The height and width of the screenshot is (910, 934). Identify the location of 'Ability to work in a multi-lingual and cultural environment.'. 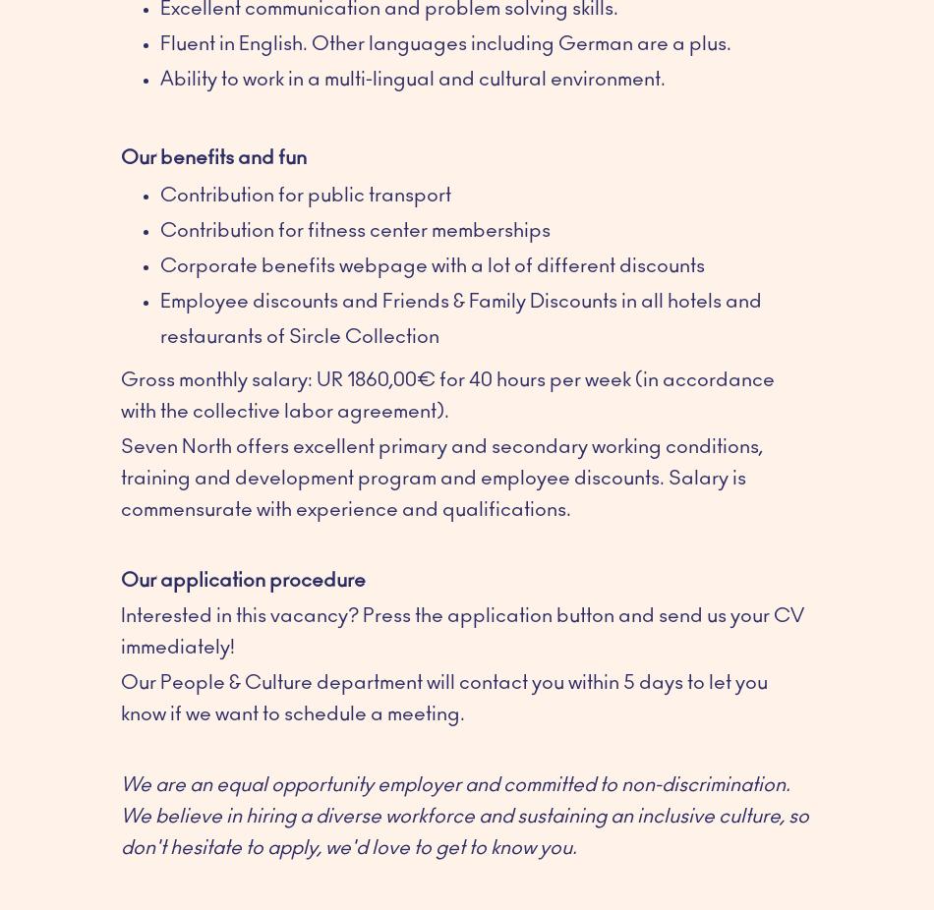
(411, 78).